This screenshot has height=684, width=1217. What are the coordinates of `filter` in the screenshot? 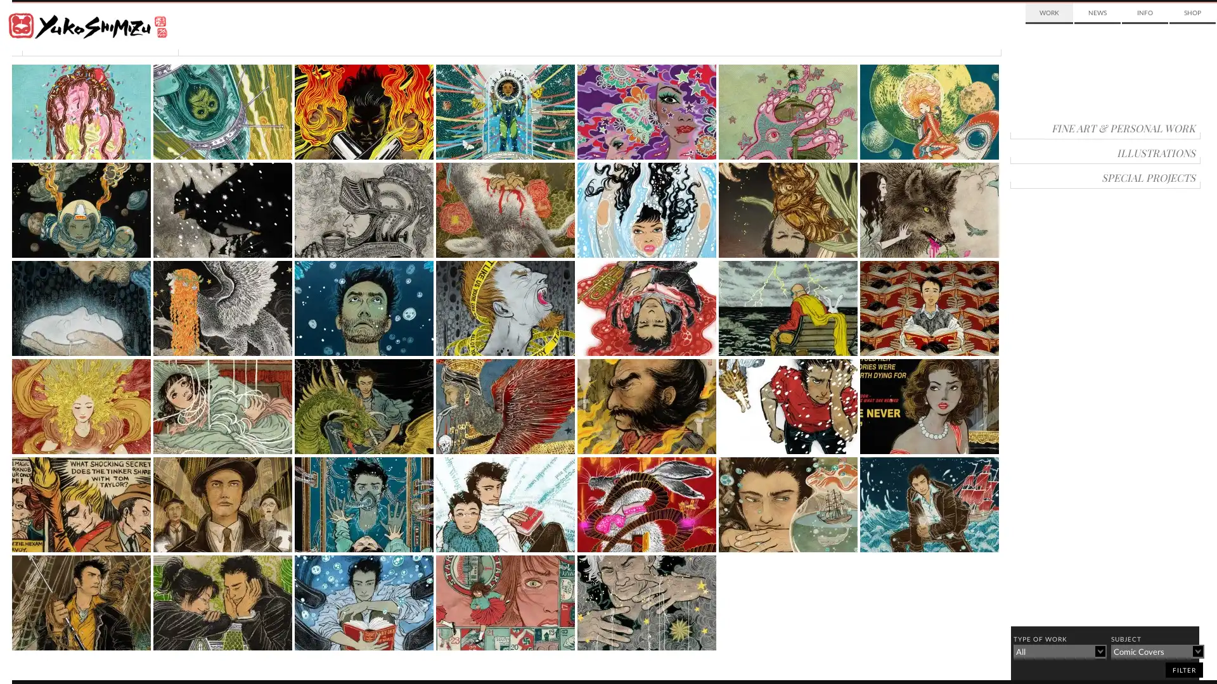 It's located at (1183, 668).